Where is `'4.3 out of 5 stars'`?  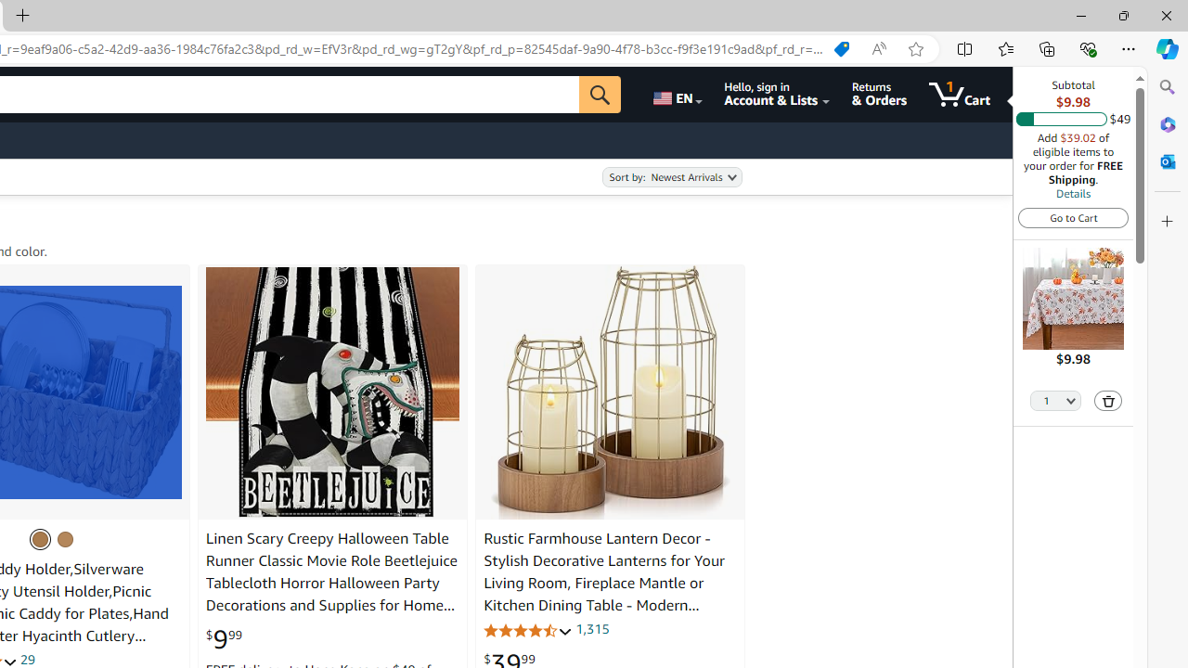 '4.3 out of 5 stars' is located at coordinates (527, 629).